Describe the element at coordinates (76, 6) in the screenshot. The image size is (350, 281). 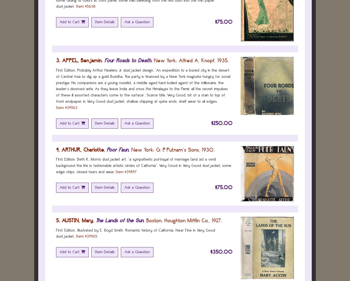
I see `'Item #5638'` at that location.